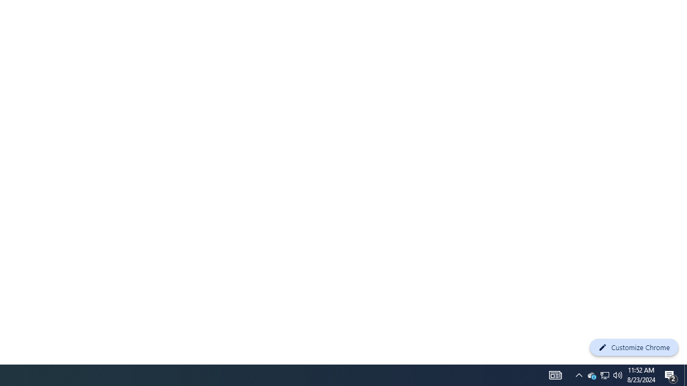 The height and width of the screenshot is (386, 687). What do you see at coordinates (634, 347) in the screenshot?
I see `'Customize Chrome'` at bounding box center [634, 347].